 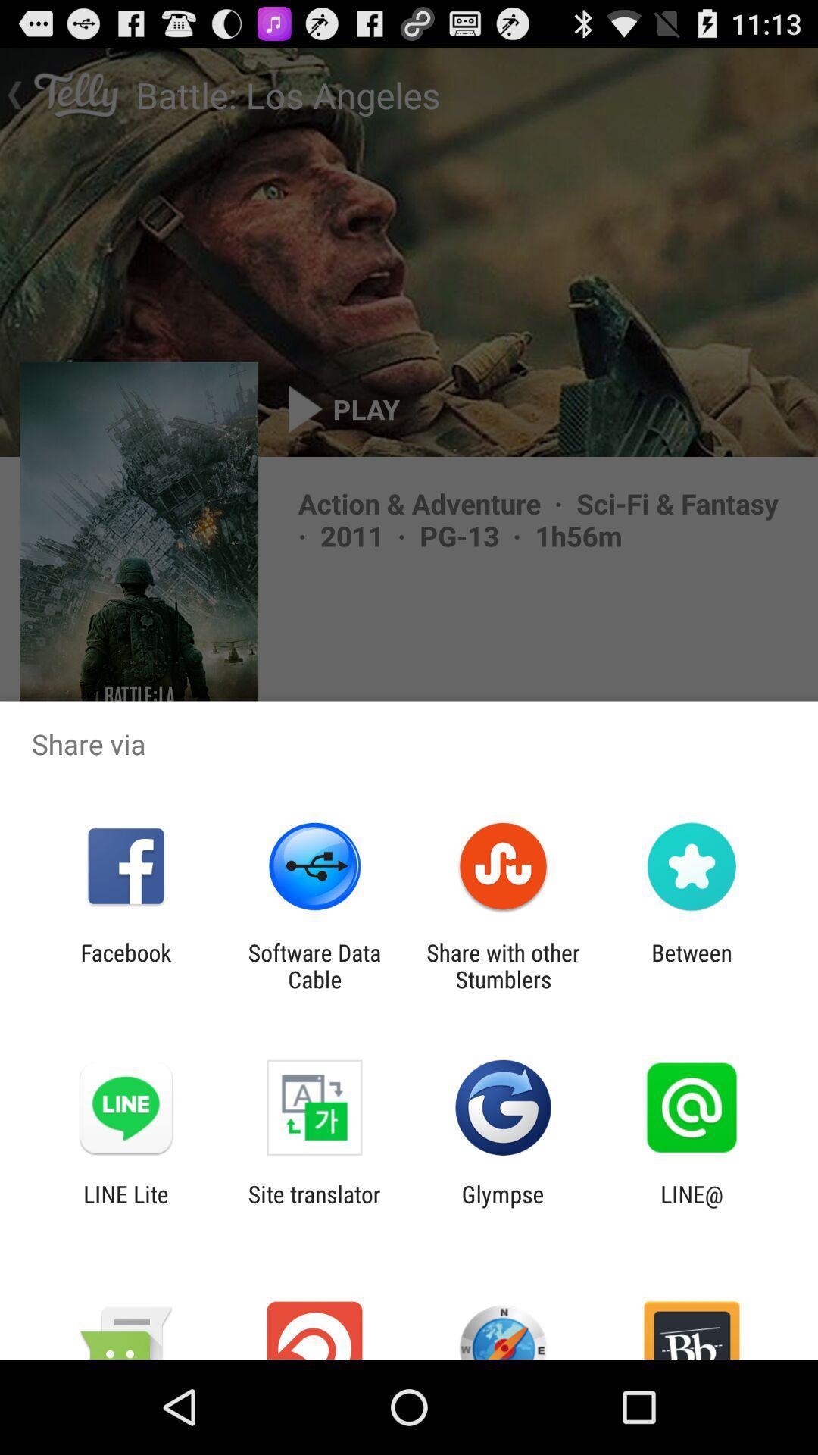 I want to click on the item to the right of software data cable app, so click(x=503, y=965).